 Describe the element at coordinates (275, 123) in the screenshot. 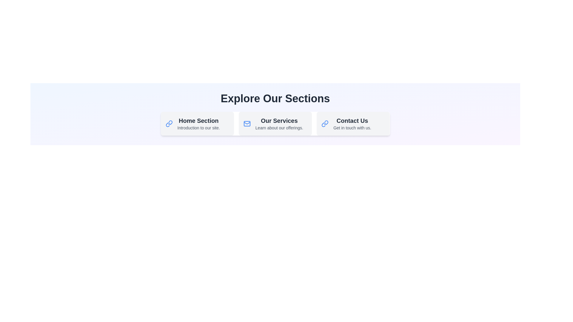

I see `text from the informational card or section header that provides information about the services offered, located centrally in the row of three sections` at that location.